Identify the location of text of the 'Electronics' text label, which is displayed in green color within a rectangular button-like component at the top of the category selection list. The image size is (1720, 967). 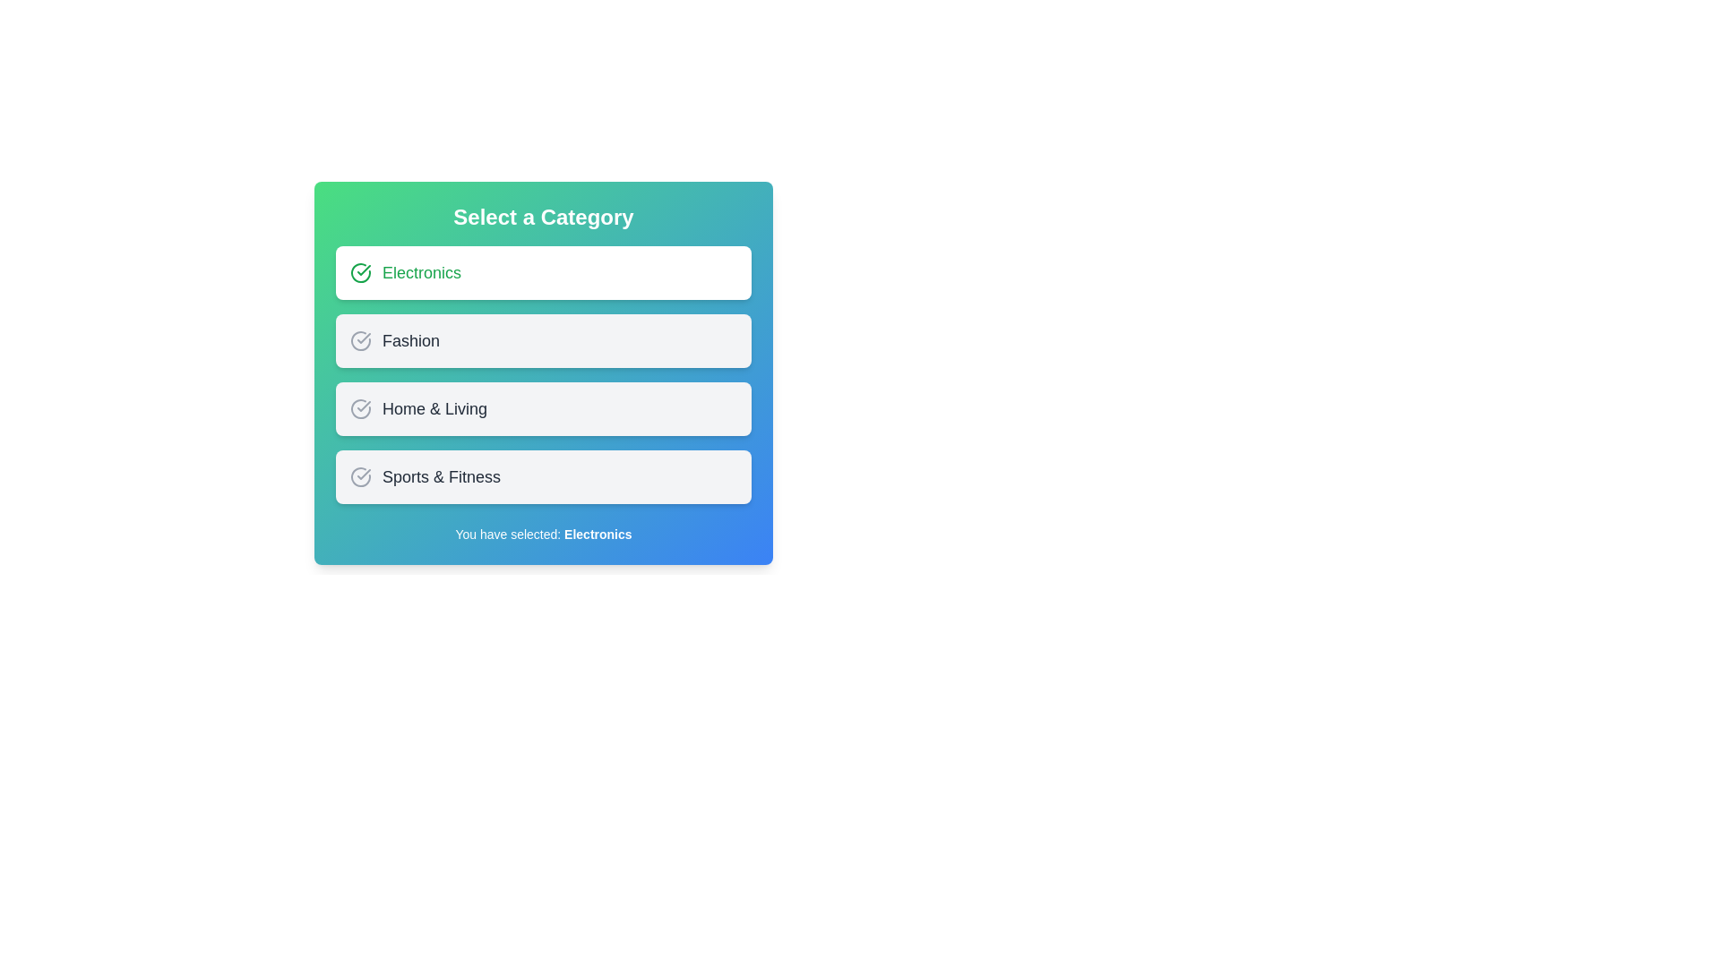
(420, 272).